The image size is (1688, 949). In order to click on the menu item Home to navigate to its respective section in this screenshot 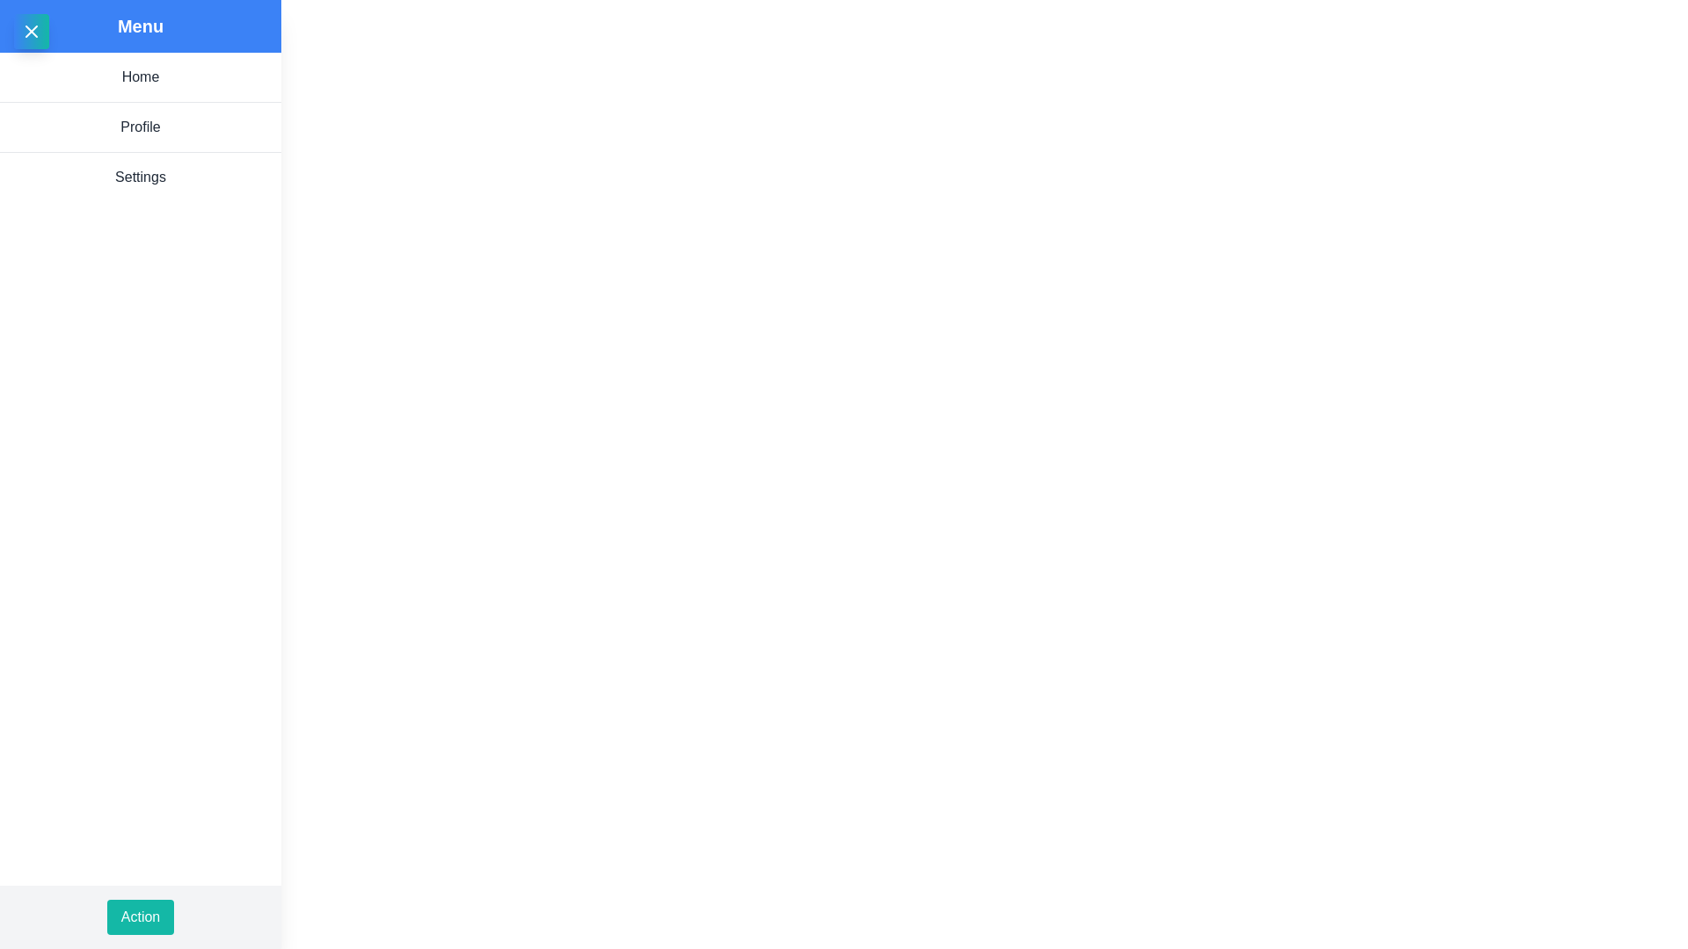, I will do `click(139, 76)`.